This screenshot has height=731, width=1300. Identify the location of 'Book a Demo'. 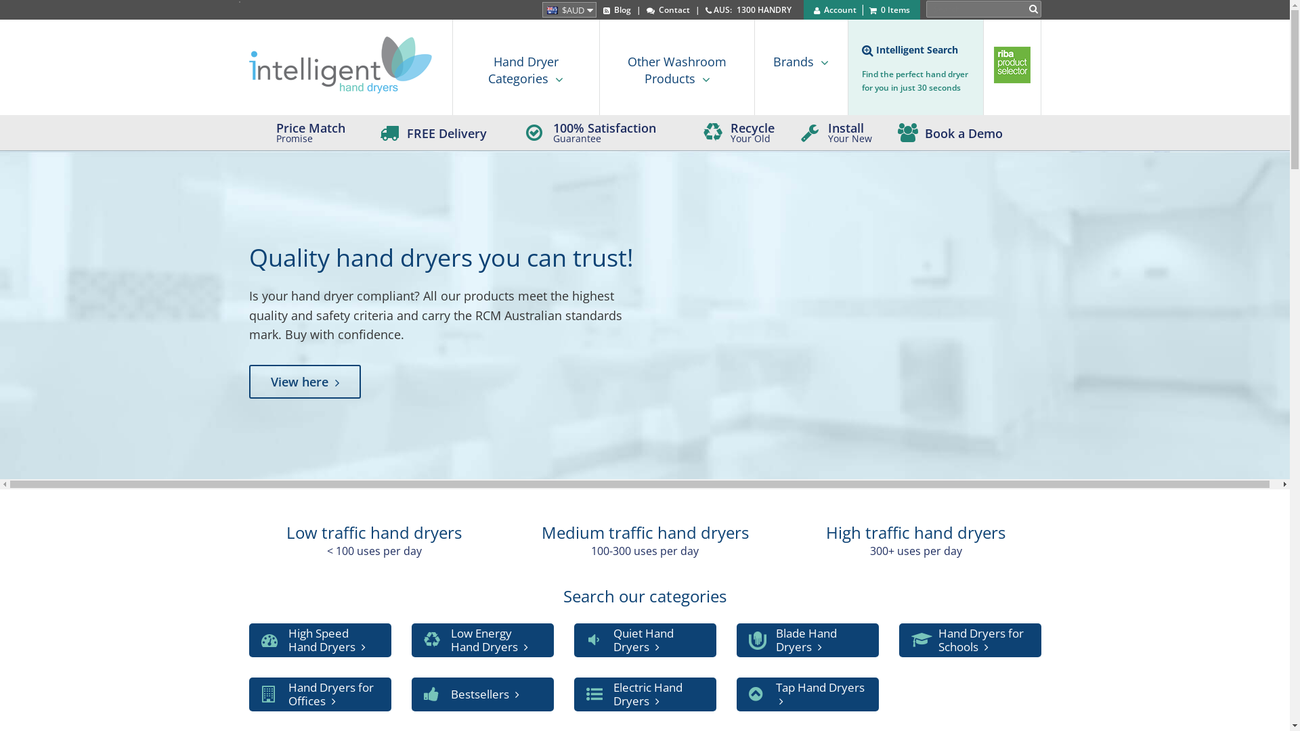
(982, 133).